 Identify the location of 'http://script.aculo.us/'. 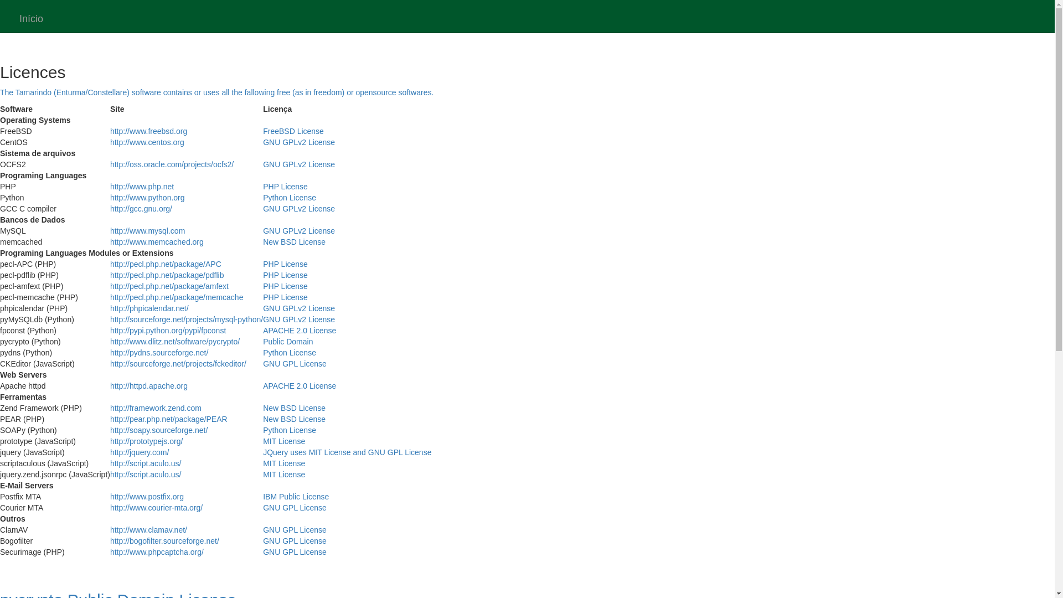
(110, 463).